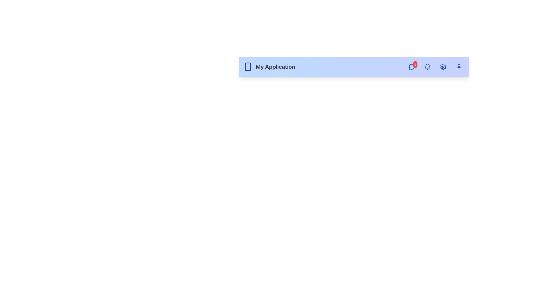  What do you see at coordinates (443, 66) in the screenshot?
I see `the rounded blue gear icon button located in the top-right section of the interface` at bounding box center [443, 66].